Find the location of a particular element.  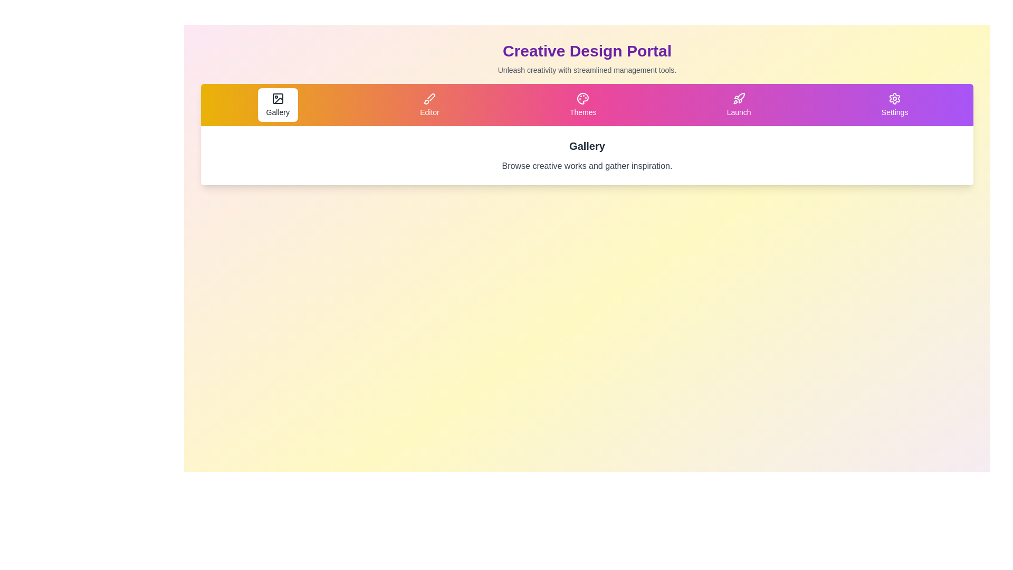

text of the heading element labeled 'Gallery', which is centrally positioned at the top section of the interface is located at coordinates (587, 146).